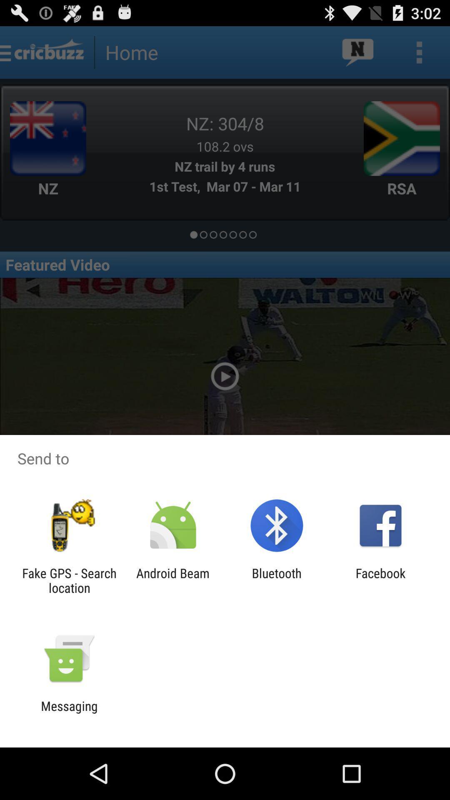 This screenshot has width=450, height=800. What do you see at coordinates (172, 580) in the screenshot?
I see `item next to the bluetooth` at bounding box center [172, 580].